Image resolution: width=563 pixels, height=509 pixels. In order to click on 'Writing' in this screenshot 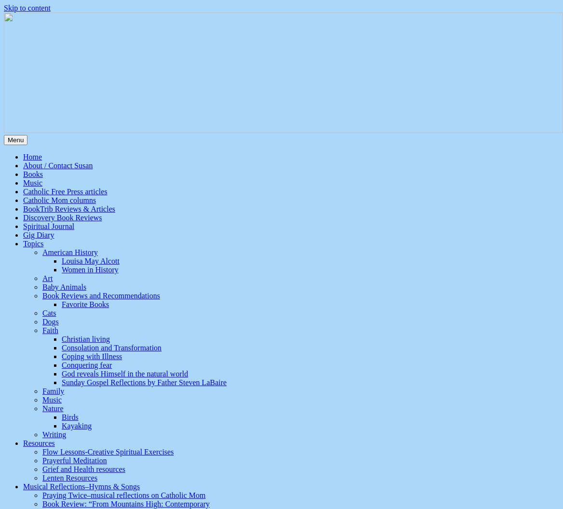, I will do `click(54, 434)`.